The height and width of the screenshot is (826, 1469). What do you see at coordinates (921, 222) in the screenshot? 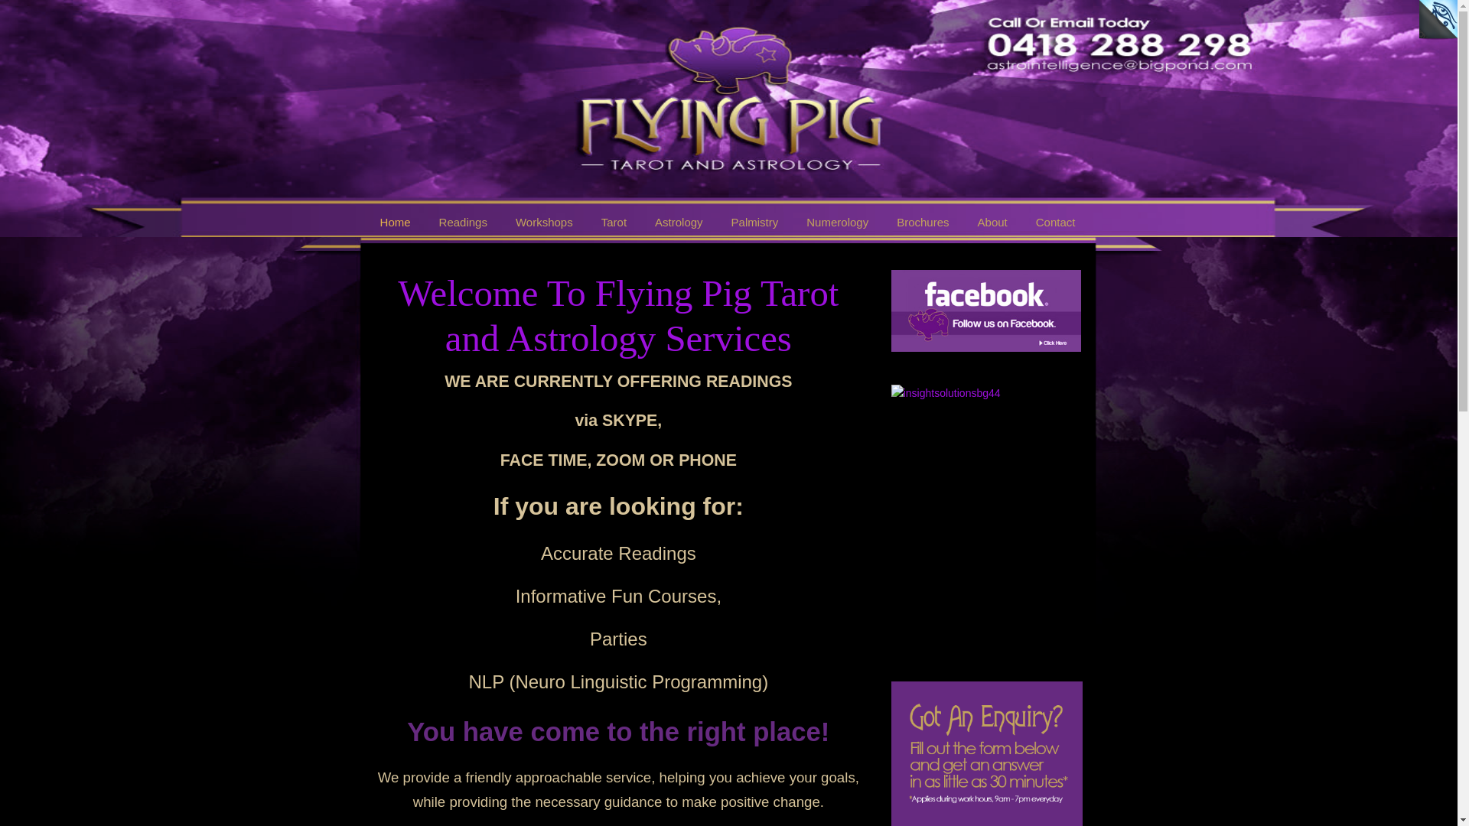
I see `'Brochures'` at bounding box center [921, 222].